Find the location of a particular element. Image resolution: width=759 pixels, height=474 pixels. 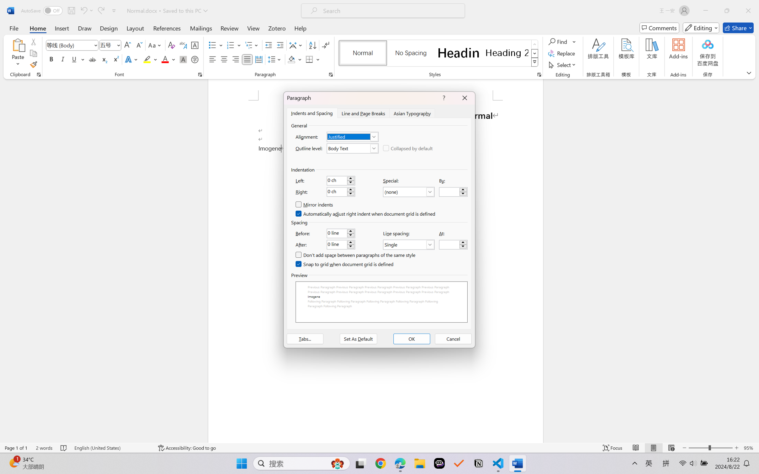

'Indents and Spacing' is located at coordinates (312, 113).